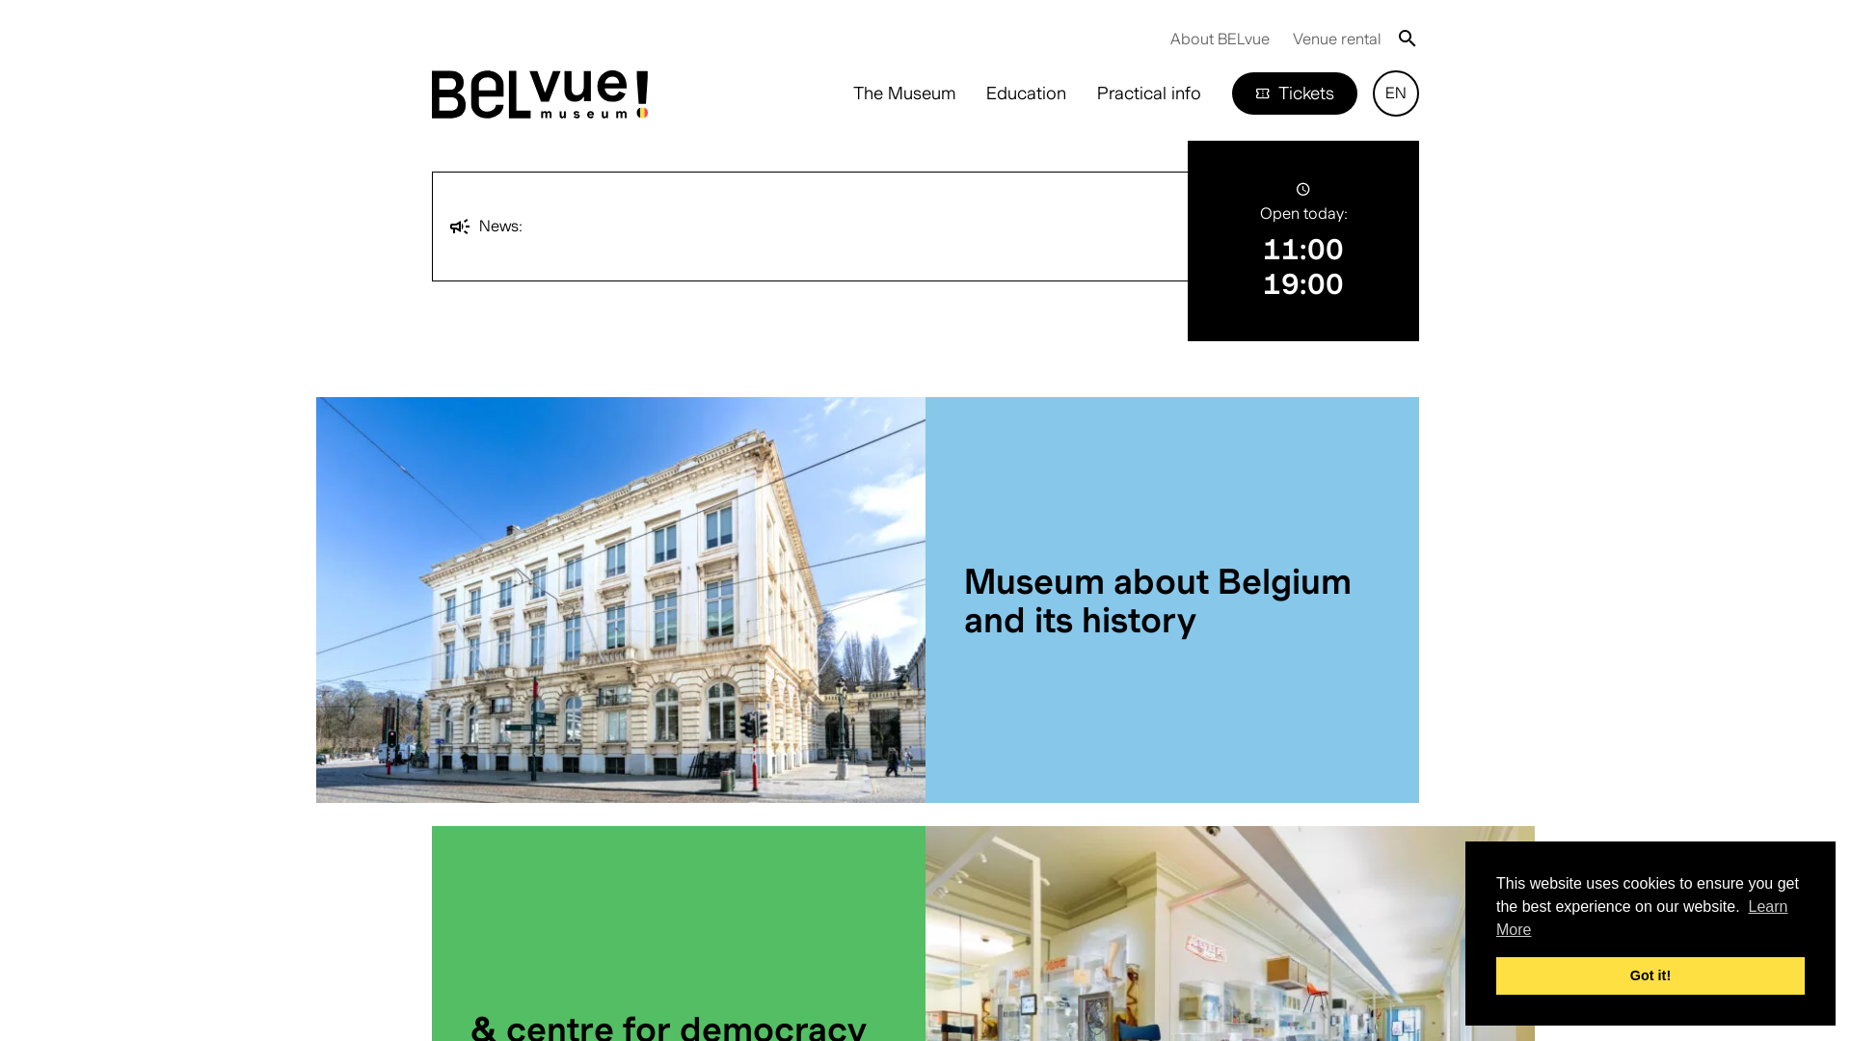 Image resolution: width=1851 pixels, height=1041 pixels. What do you see at coordinates (1025, 93) in the screenshot?
I see `'Education'` at bounding box center [1025, 93].